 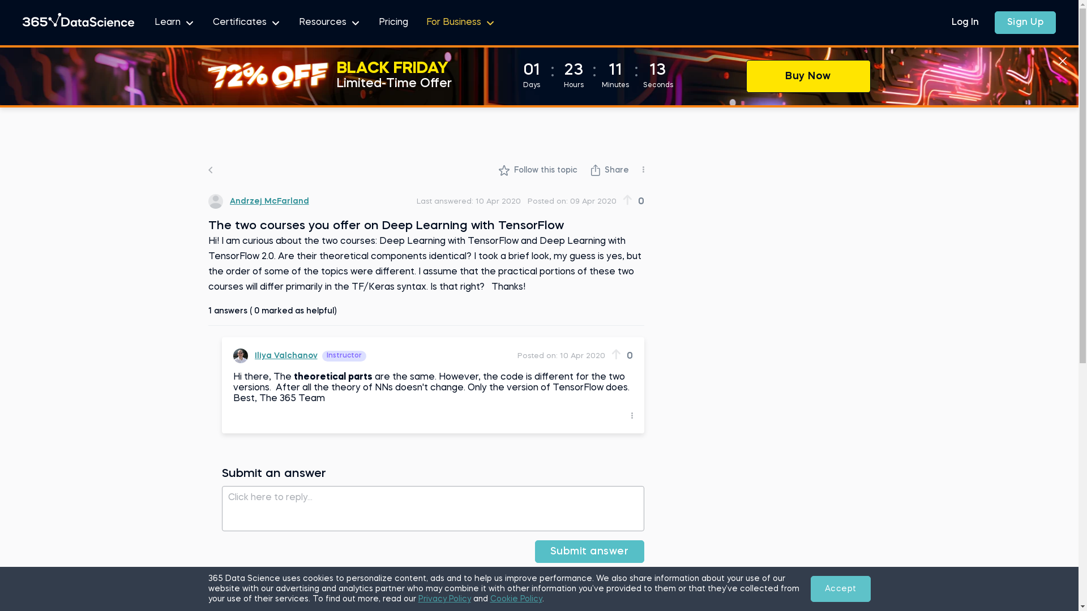 I want to click on 'Log In', so click(x=964, y=22).